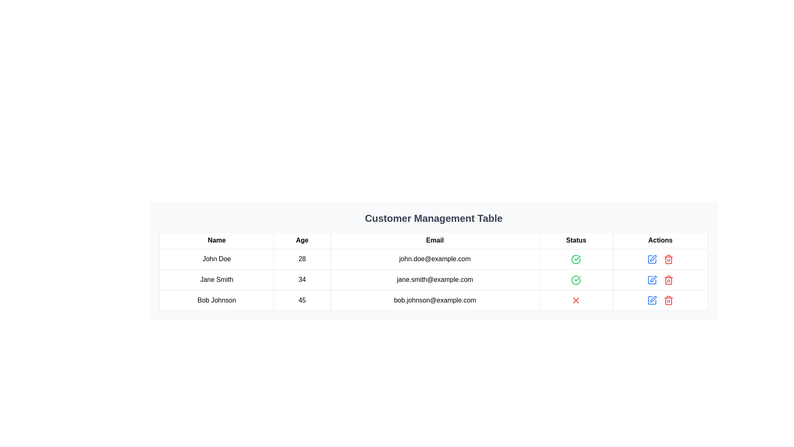 This screenshot has height=447, width=794. I want to click on the delete button located in the 'Actions' column of the third row of the table, so click(669, 279).